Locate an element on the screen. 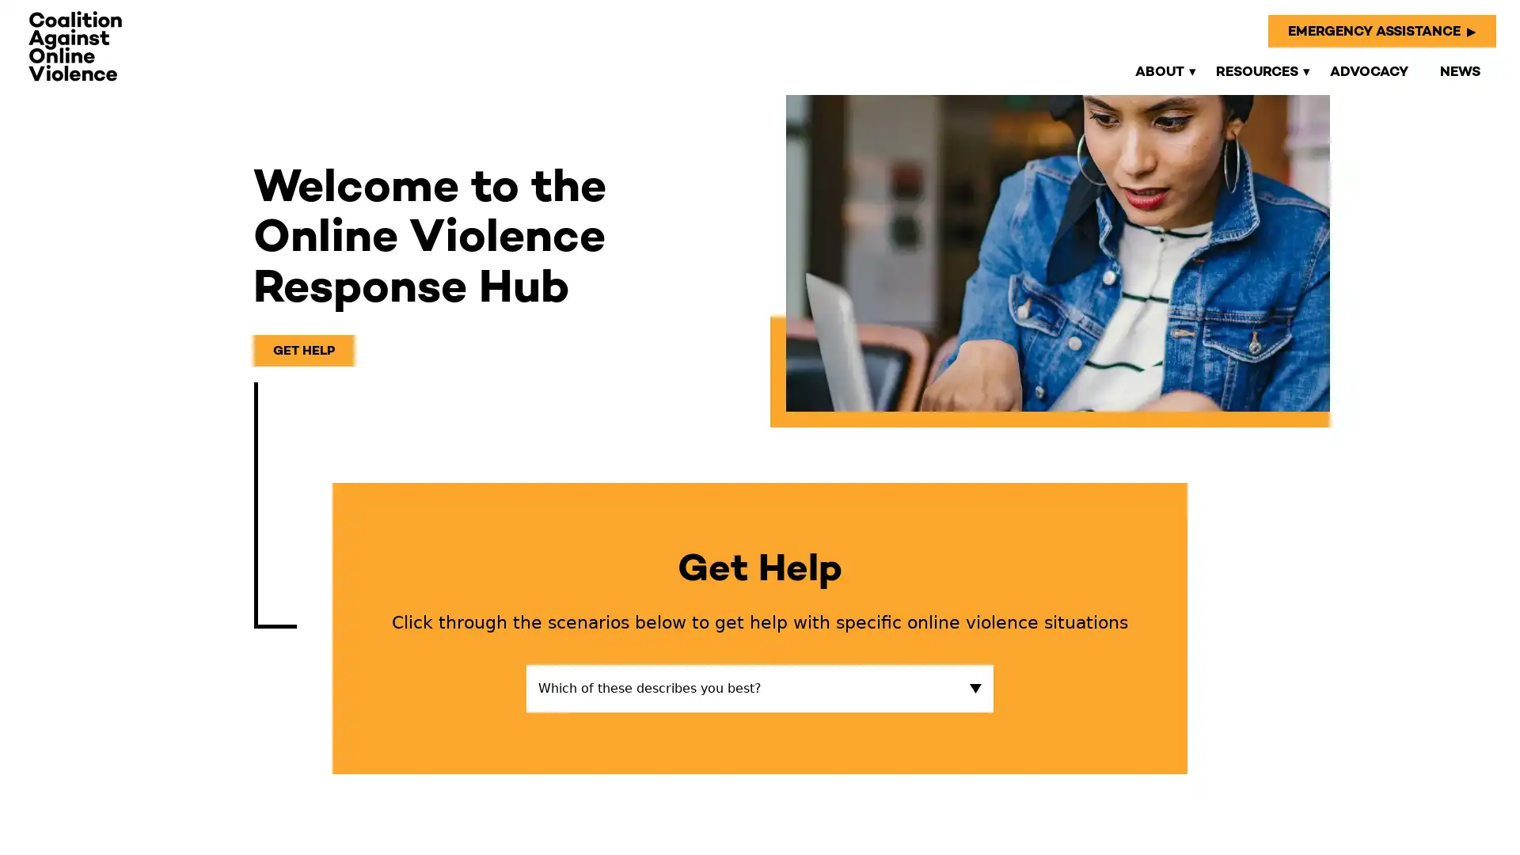 The image size is (1520, 855). GET HELP is located at coordinates (304, 349).